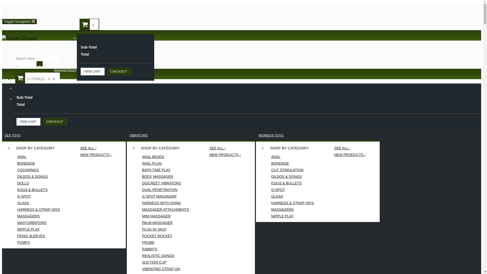  Describe the element at coordinates (119, 71) in the screenshot. I see `'CHECKOUT'` at that location.